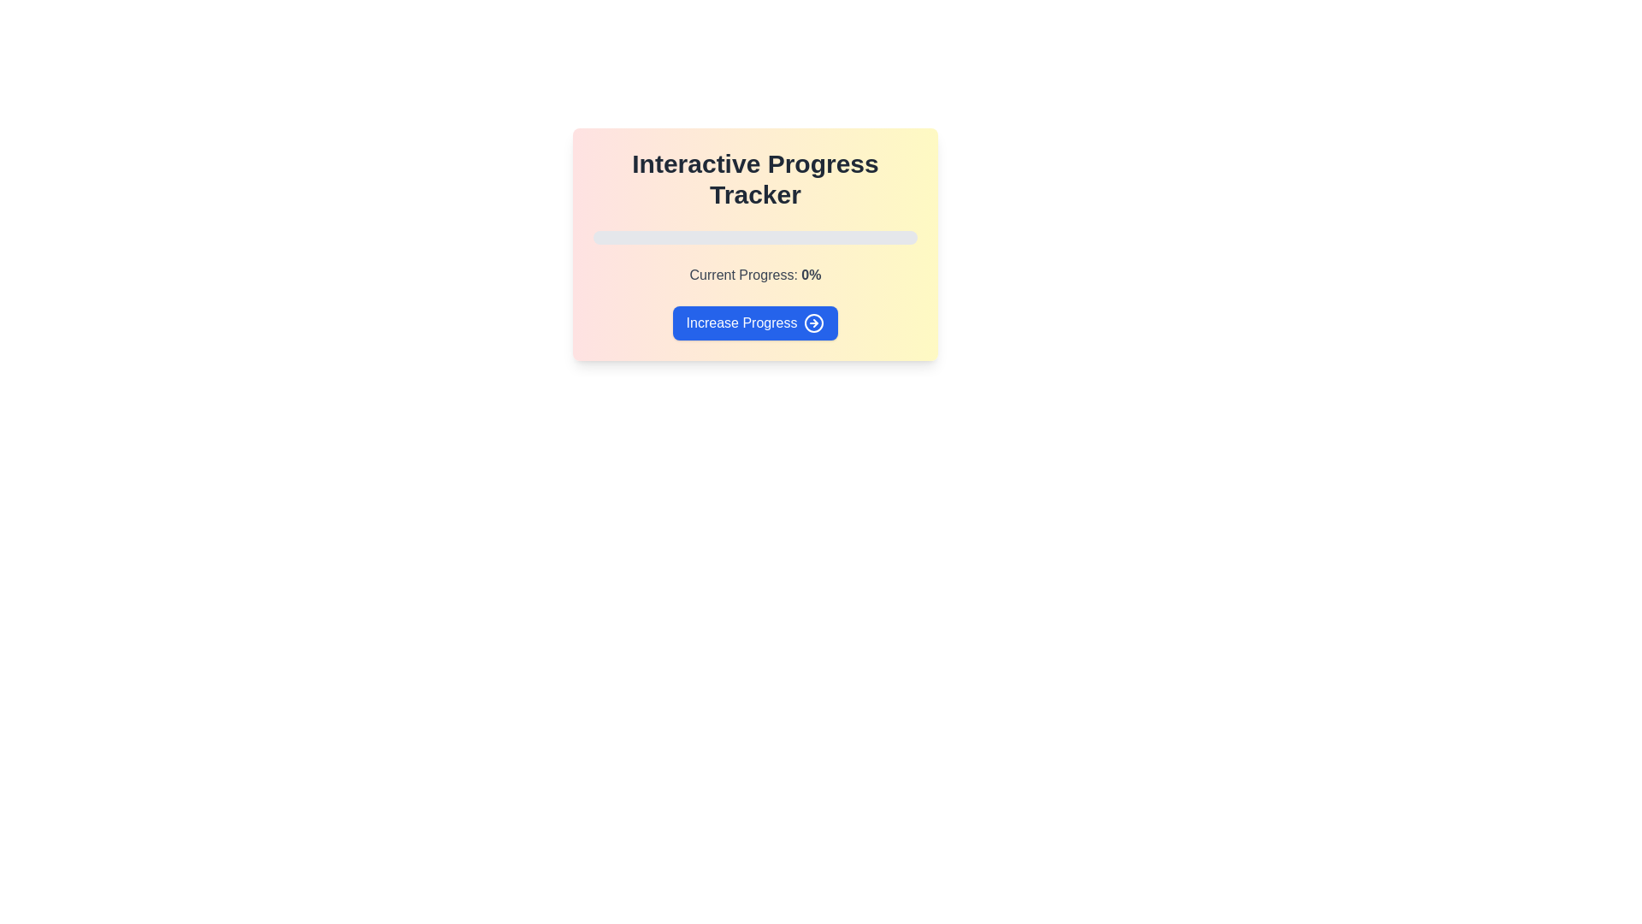  What do you see at coordinates (754, 179) in the screenshot?
I see `the text display element, which serves as the header for the card component, centrally aligned at the top of the card` at bounding box center [754, 179].